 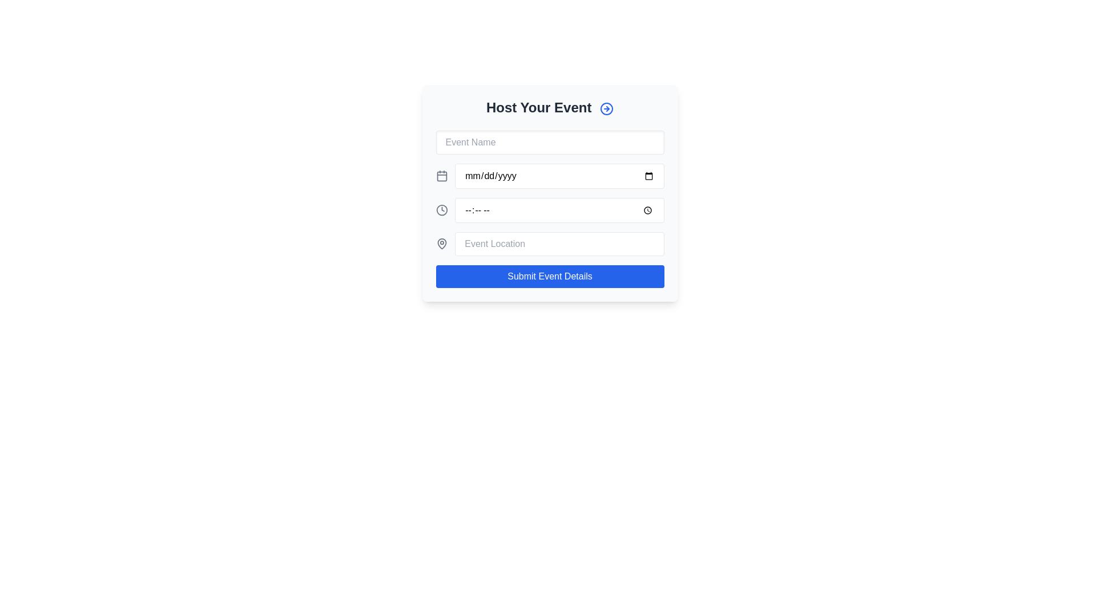 What do you see at coordinates (441, 210) in the screenshot?
I see `the time-related icon located in the third input row of the form, which is positioned at the left side of the time entry input field` at bounding box center [441, 210].